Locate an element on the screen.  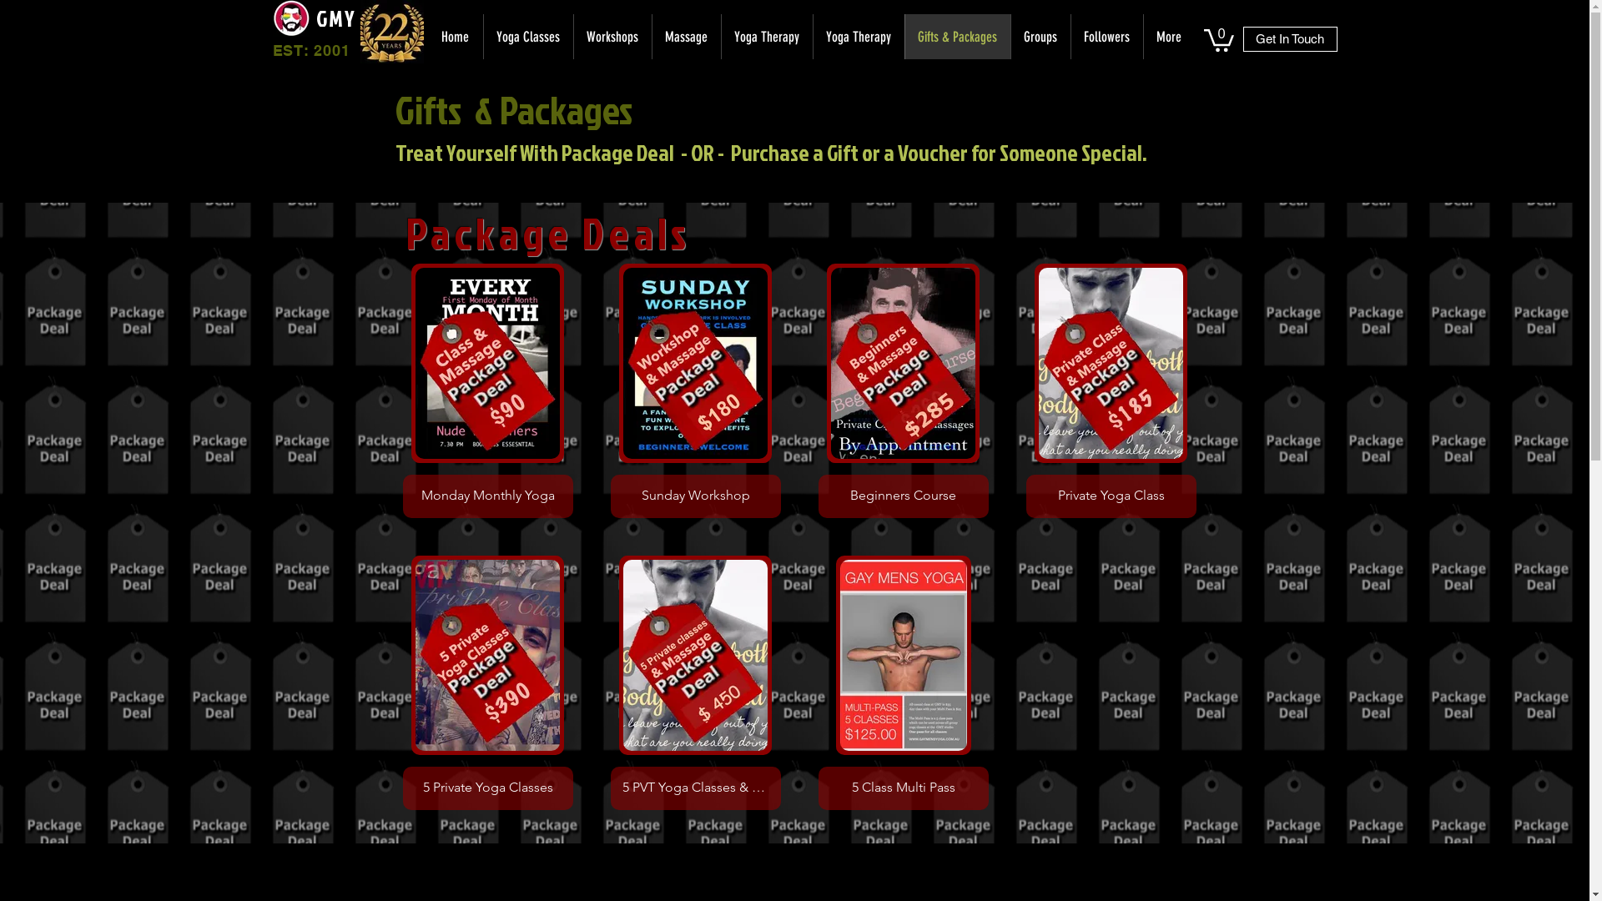
'Get In Touch' is located at coordinates (1289, 38).